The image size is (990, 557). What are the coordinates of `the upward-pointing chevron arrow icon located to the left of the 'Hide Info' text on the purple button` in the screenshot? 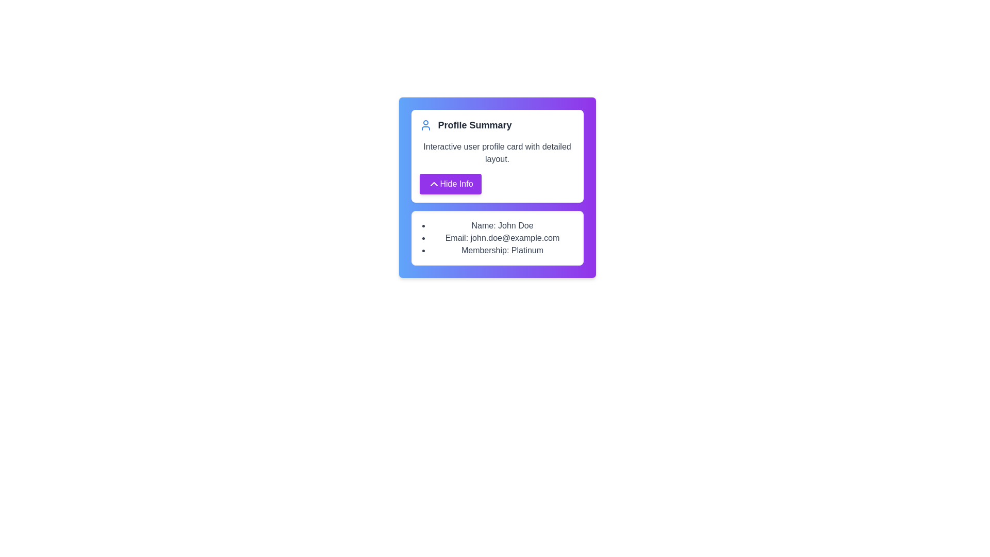 It's located at (434, 184).